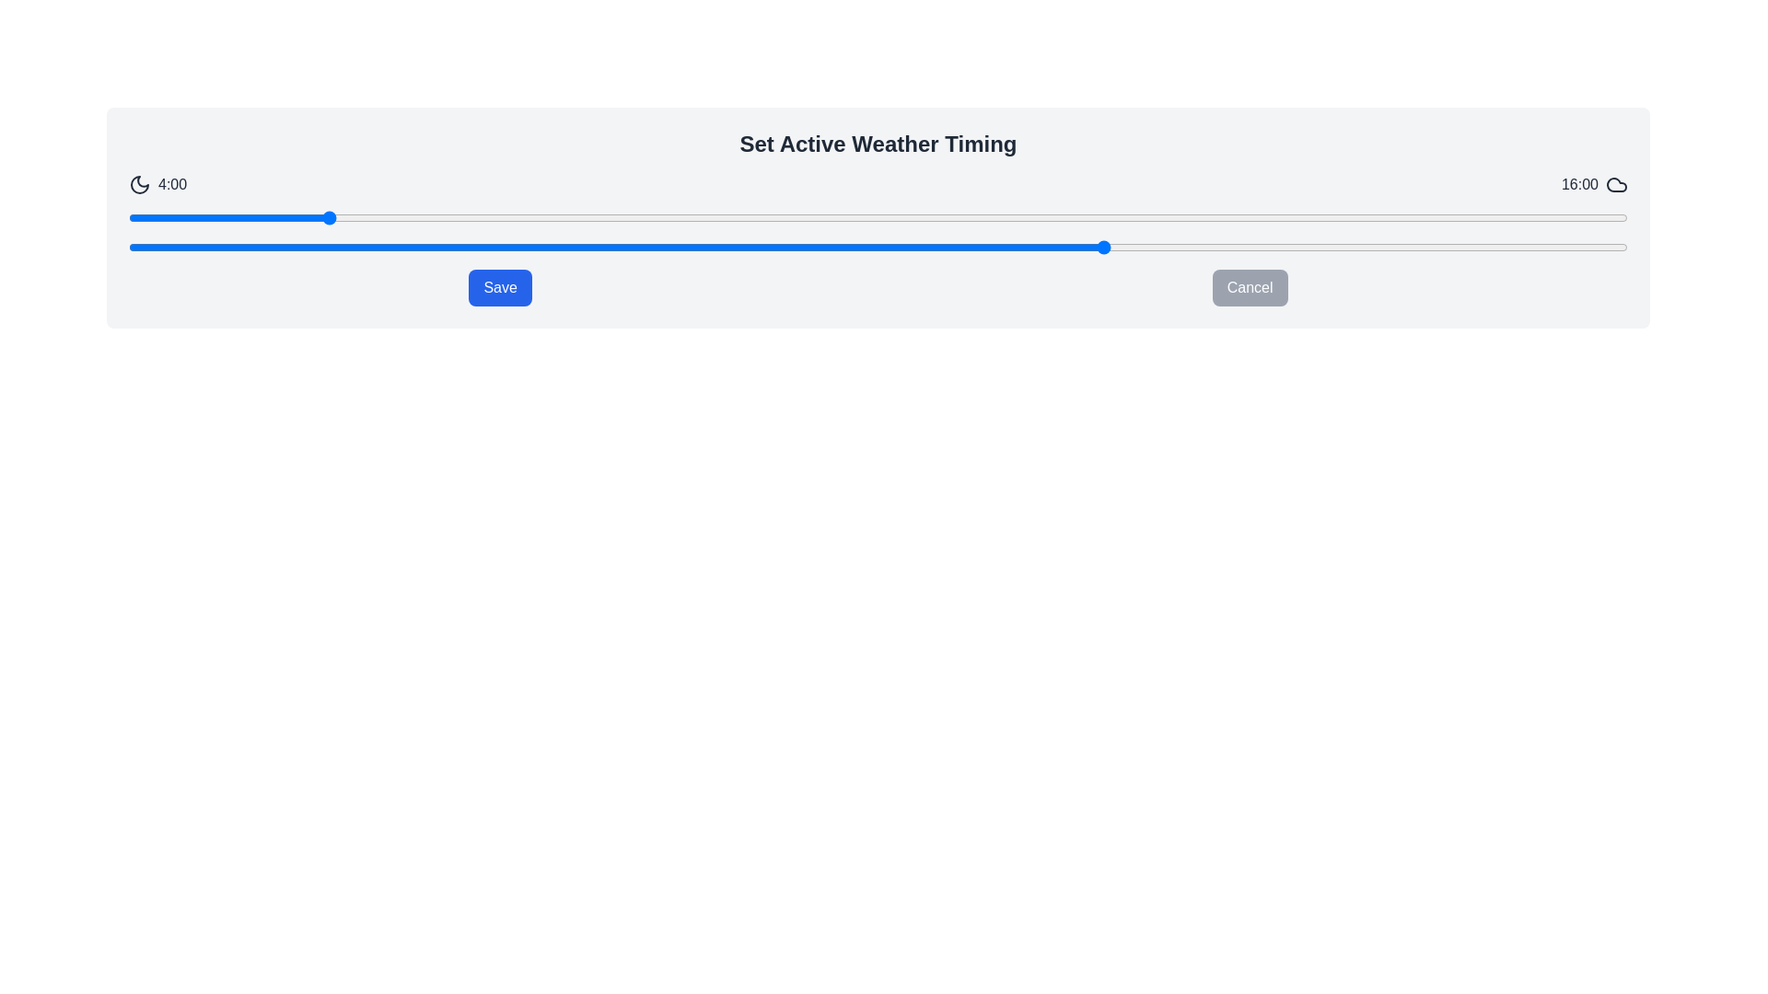 The image size is (1768, 994). I want to click on the weather or time indicator icon located next to the text '16:00' in the top-right corner of the main interface area, so click(1616, 184).